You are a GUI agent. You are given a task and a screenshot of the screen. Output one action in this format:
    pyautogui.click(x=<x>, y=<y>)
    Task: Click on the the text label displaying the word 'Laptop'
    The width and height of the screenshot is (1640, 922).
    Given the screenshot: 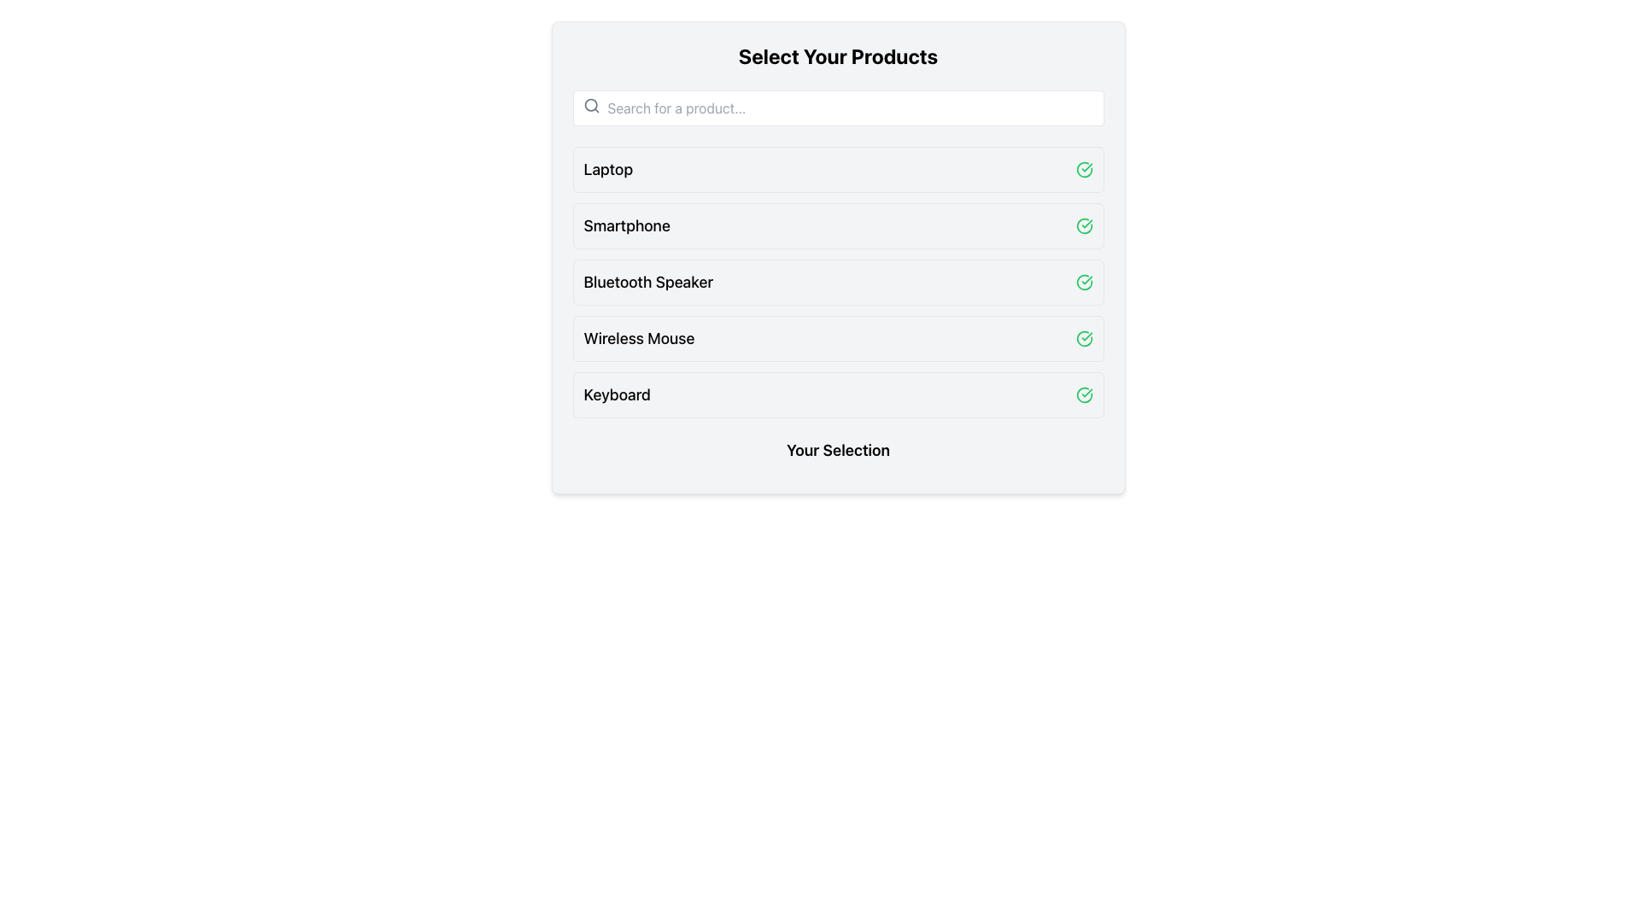 What is the action you would take?
    pyautogui.click(x=608, y=170)
    